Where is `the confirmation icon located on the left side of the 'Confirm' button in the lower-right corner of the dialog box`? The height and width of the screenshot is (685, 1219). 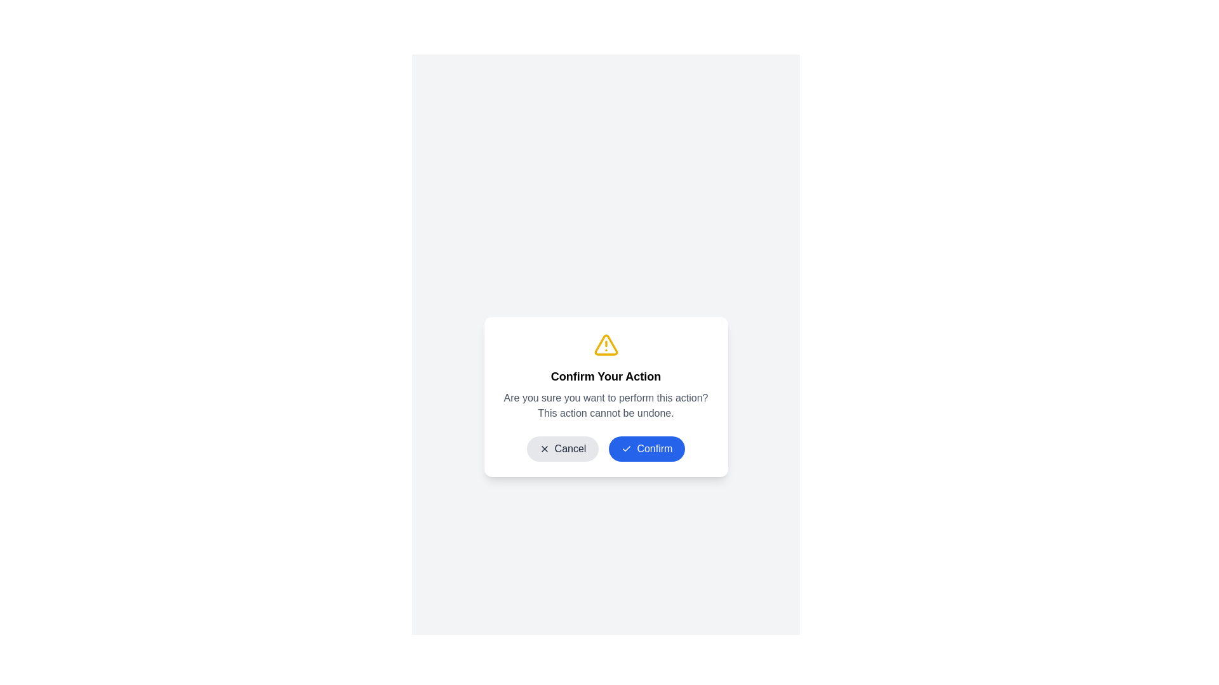
the confirmation icon located on the left side of the 'Confirm' button in the lower-right corner of the dialog box is located at coordinates (627, 448).